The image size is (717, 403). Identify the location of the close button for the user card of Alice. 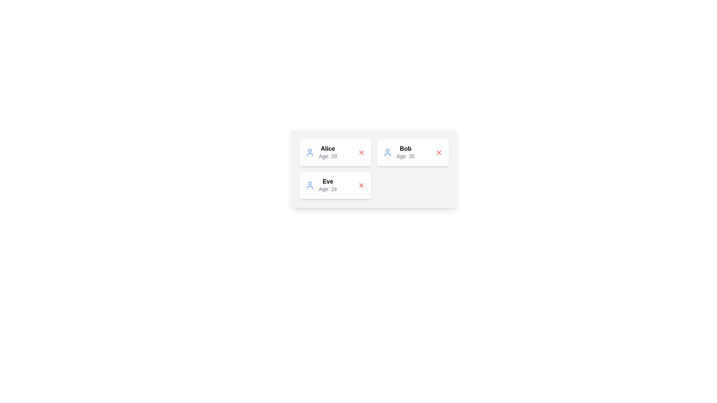
(361, 152).